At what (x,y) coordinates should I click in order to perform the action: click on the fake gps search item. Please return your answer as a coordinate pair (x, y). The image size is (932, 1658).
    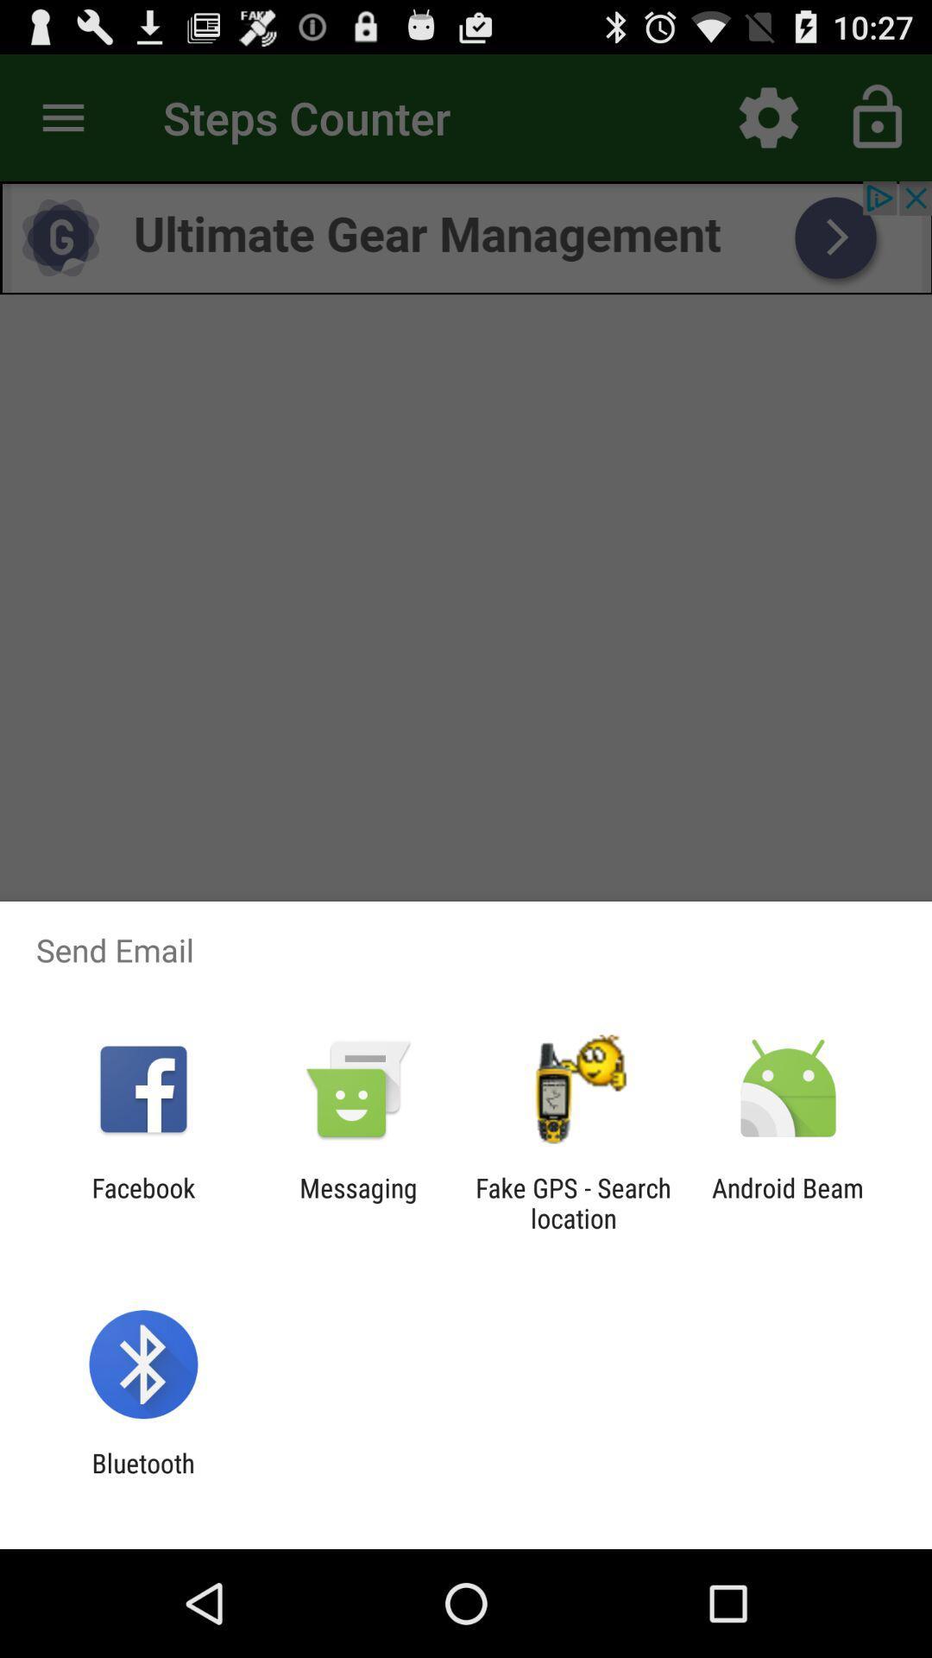
    Looking at the image, I should click on (573, 1202).